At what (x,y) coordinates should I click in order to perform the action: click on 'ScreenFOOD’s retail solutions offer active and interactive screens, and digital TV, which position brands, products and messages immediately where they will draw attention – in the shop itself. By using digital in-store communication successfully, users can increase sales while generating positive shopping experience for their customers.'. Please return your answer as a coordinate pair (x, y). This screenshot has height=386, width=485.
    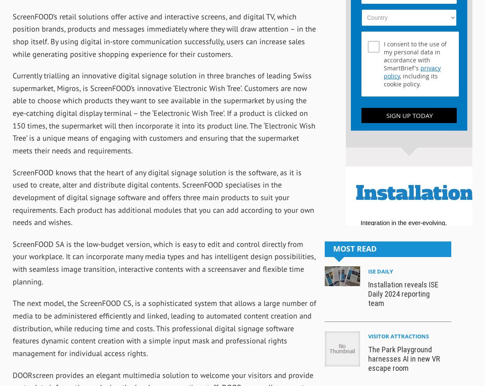
    Looking at the image, I should click on (11, 34).